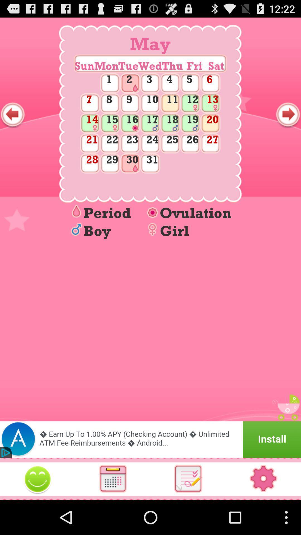 The height and width of the screenshot is (535, 301). Describe the element at coordinates (151, 439) in the screenshot. I see `open advertisements detail` at that location.